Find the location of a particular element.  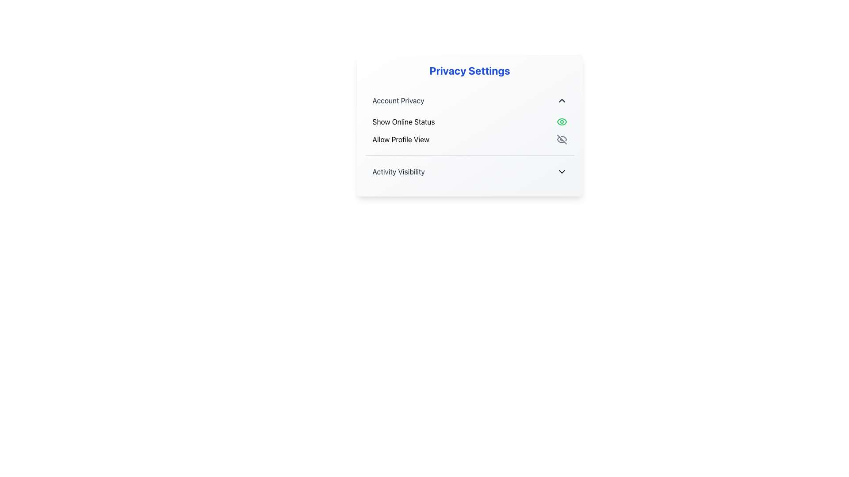

the visibility toggle icon located to the right of the 'Allow Profile View' text in the 'Privacy Settings' section is located at coordinates (561, 122).